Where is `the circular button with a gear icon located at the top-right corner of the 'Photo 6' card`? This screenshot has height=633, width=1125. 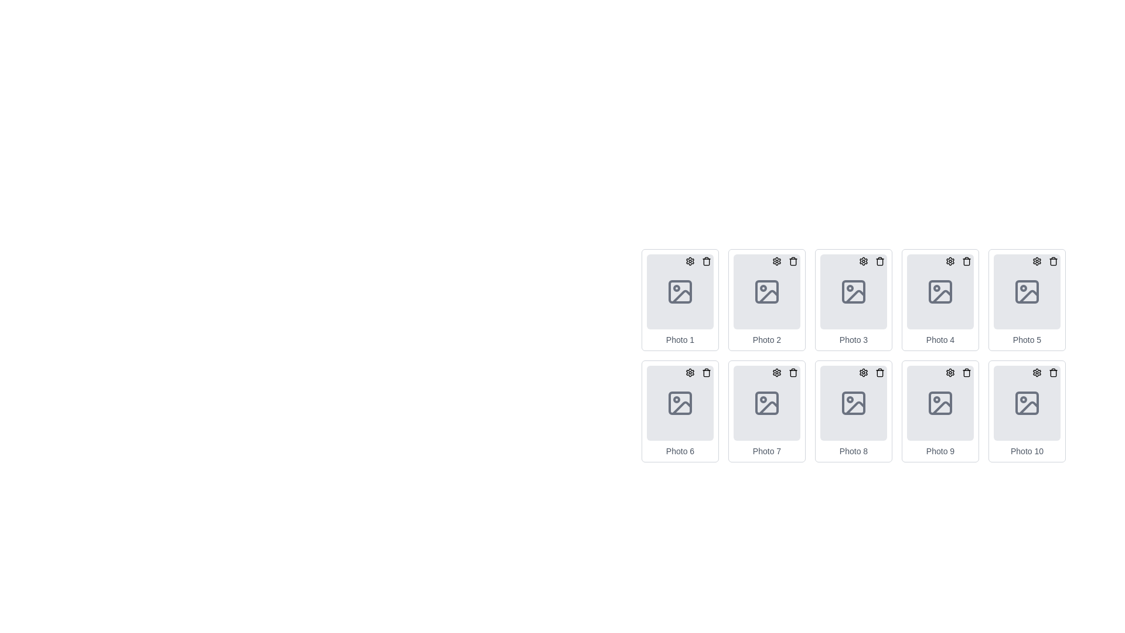
the circular button with a gear icon located at the top-right corner of the 'Photo 6' card is located at coordinates (690, 373).